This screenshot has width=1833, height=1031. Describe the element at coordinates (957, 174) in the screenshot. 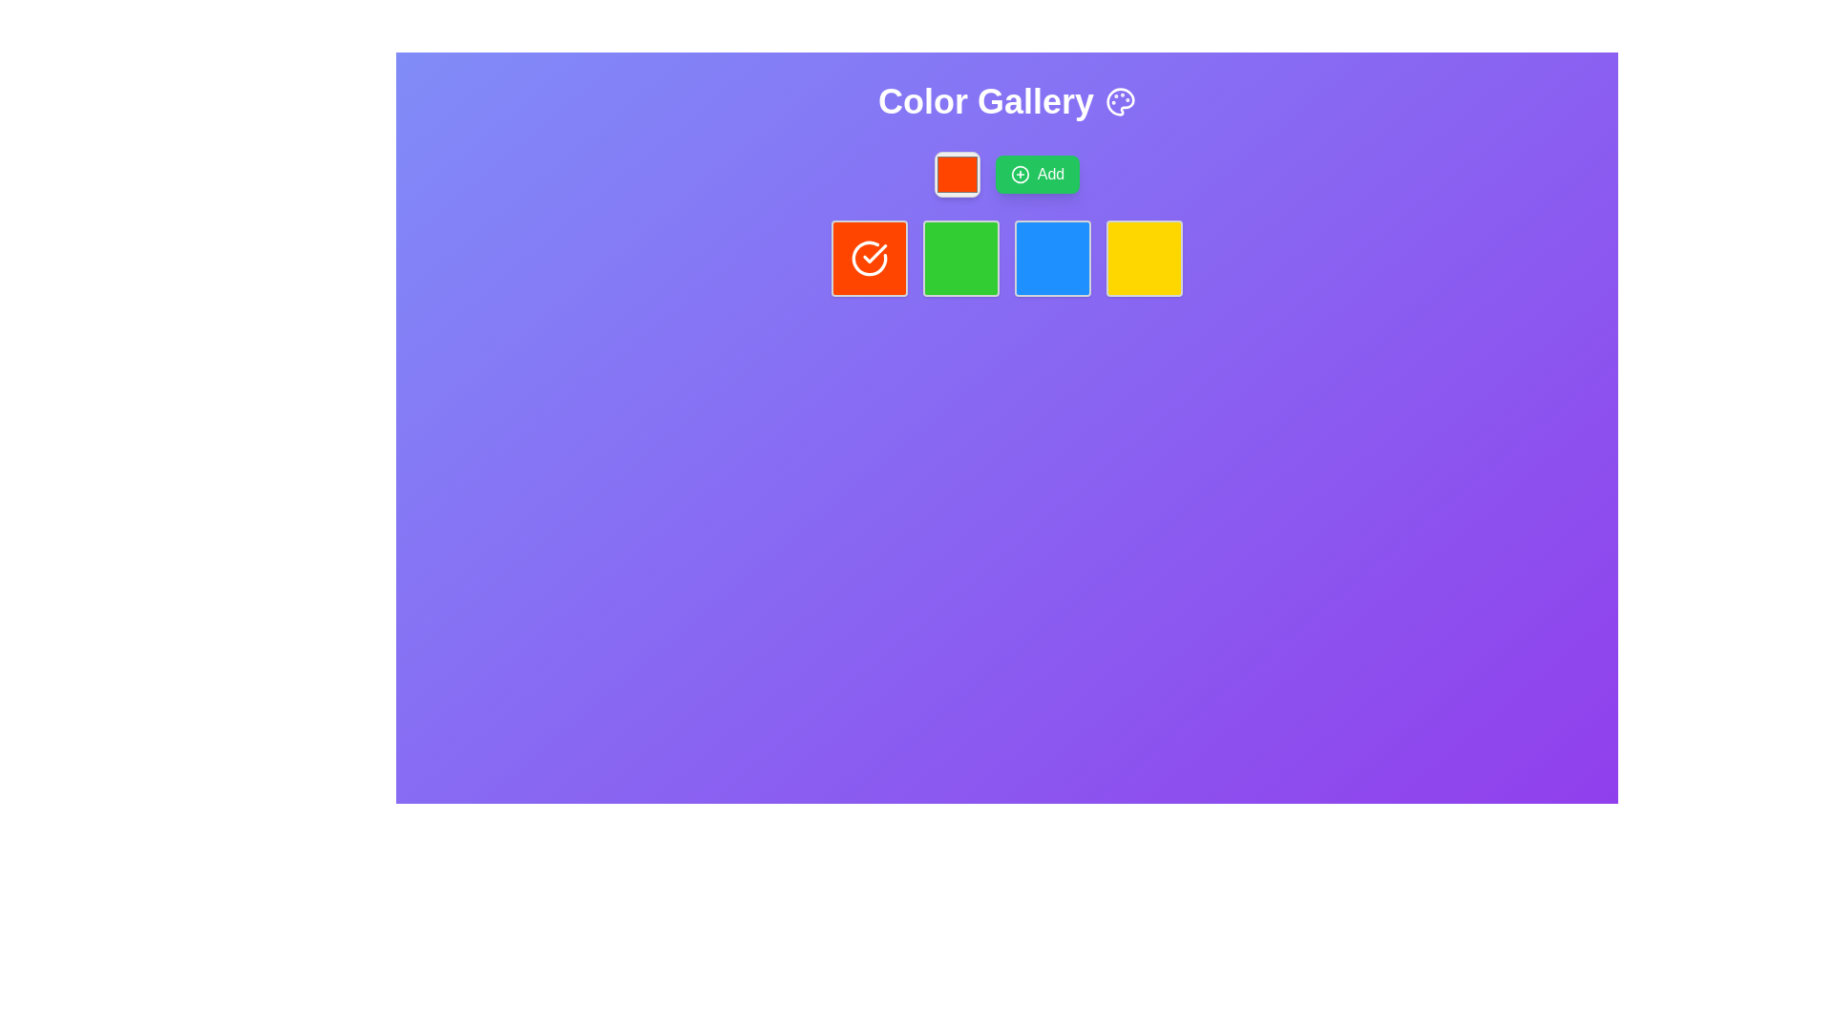

I see `the vibrant orange Color Picker box with rounded borders` at that location.